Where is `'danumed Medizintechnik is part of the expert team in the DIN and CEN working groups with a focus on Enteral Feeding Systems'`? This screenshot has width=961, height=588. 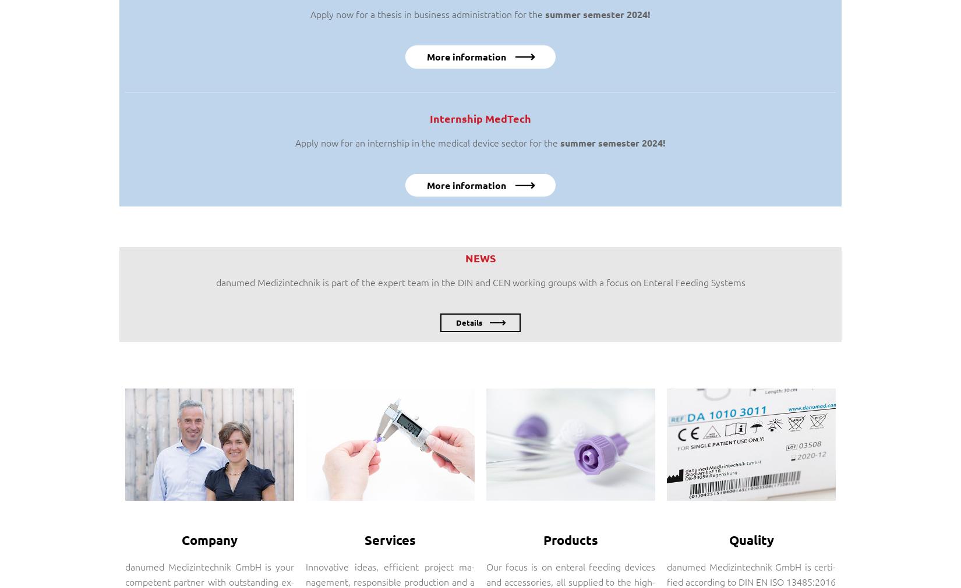
'danumed Medizintechnik is part of the expert team in the DIN and CEN working groups with a focus on Enteral Feeding Systems' is located at coordinates (215, 280).